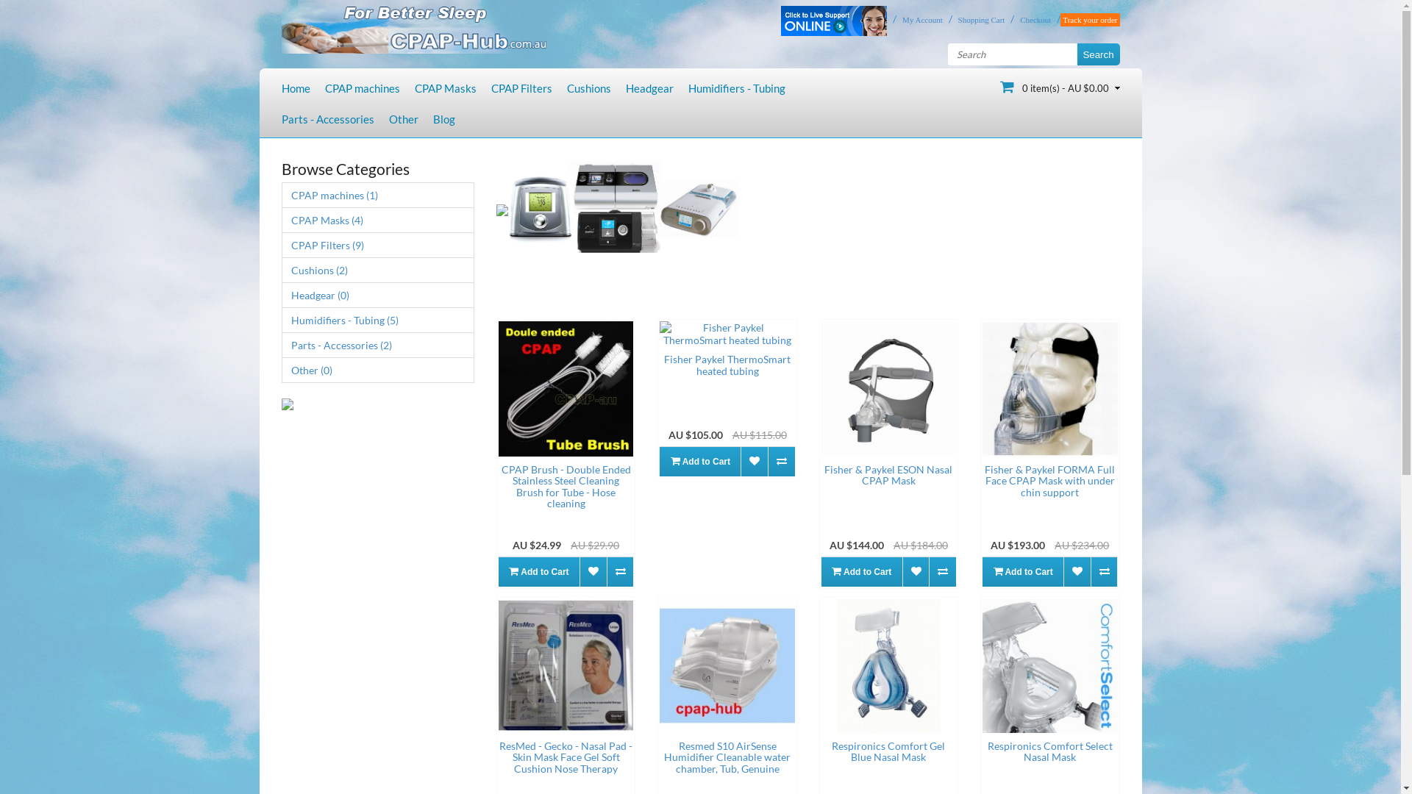 The image size is (1412, 794). I want to click on 'Parts - Accessories', so click(281, 118).